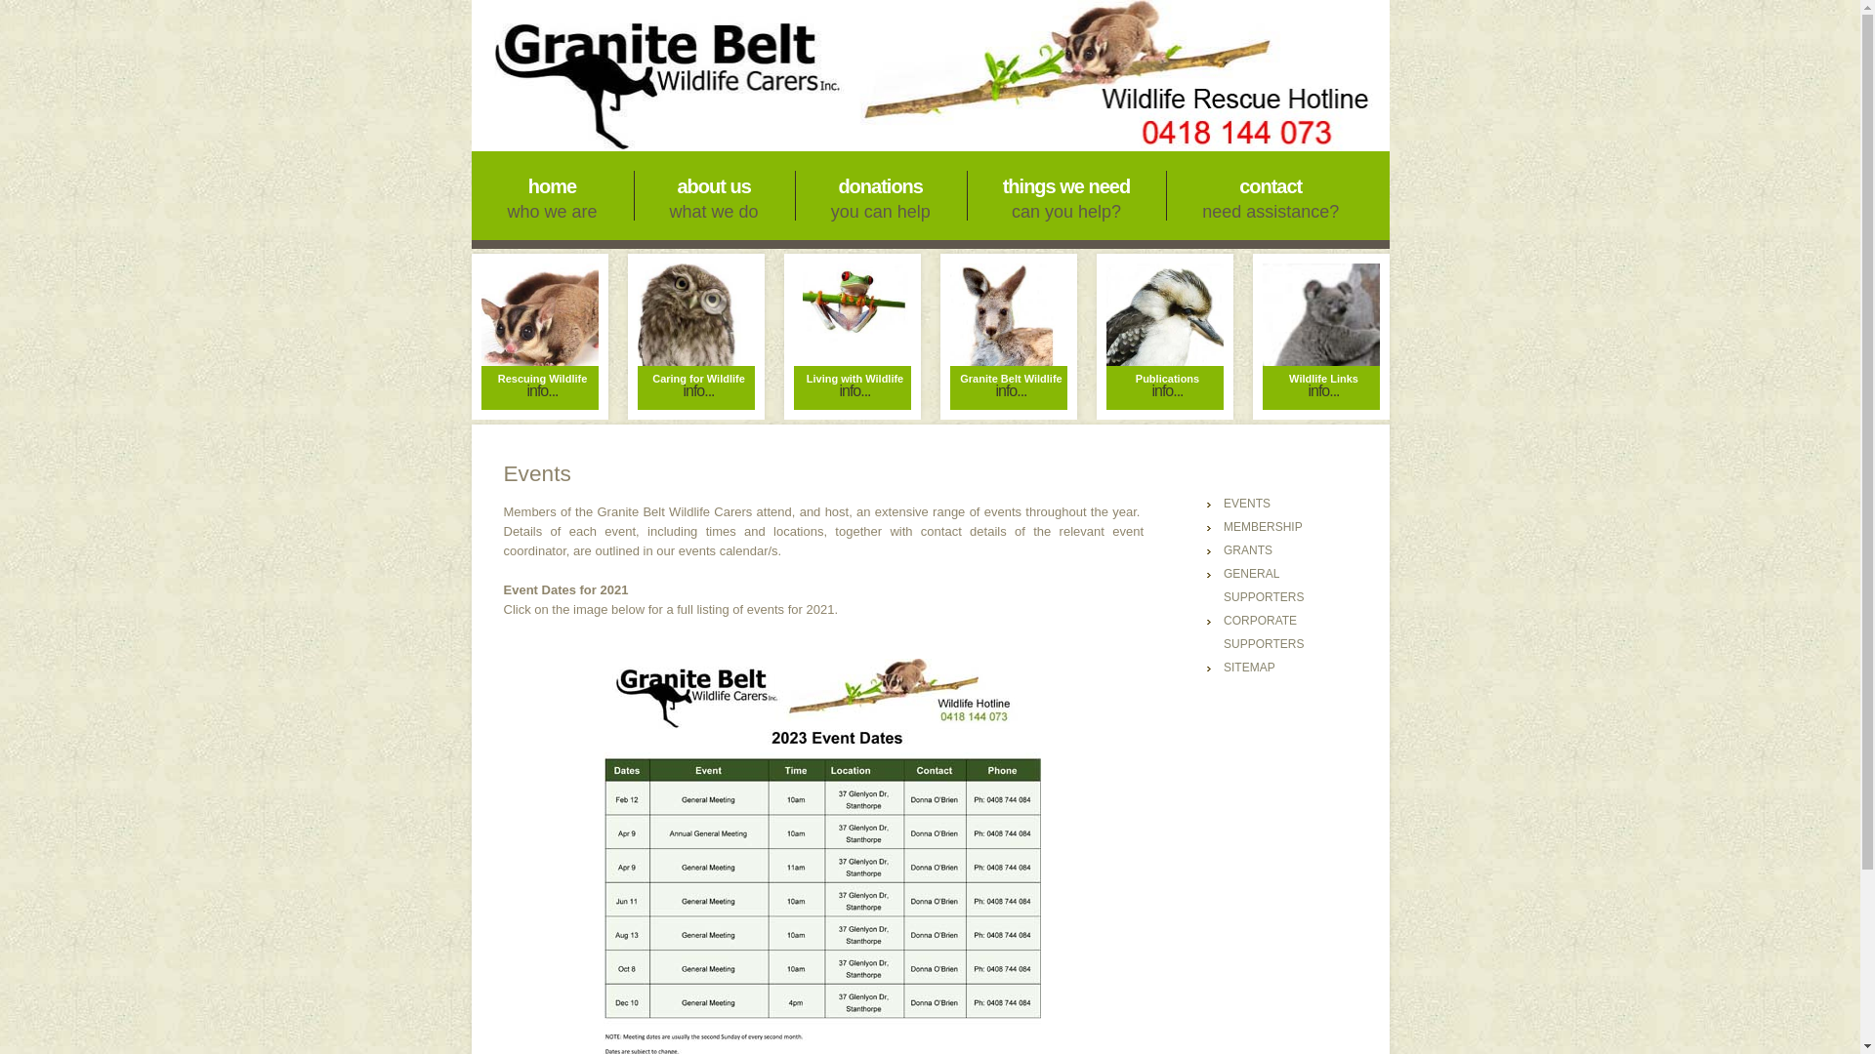 The height and width of the screenshot is (1054, 1875). Describe the element at coordinates (1064, 195) in the screenshot. I see `'things we need` at that location.